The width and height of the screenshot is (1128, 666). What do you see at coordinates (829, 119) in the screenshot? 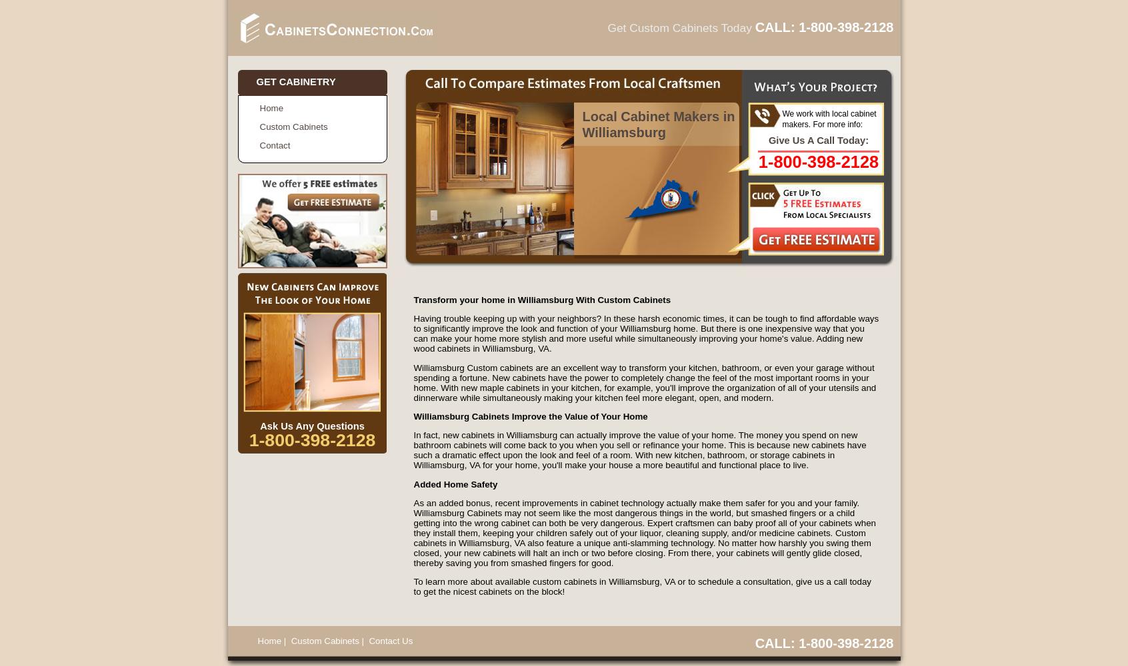
I see `'We work with local cabinet makers. For more info:'` at bounding box center [829, 119].